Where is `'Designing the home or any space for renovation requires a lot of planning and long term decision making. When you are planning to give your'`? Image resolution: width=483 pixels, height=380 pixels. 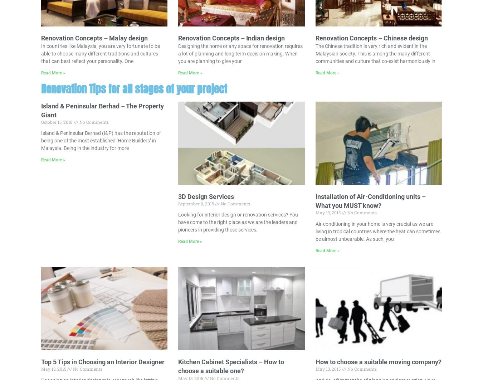
'Designing the home or any space for renovation requires a lot of planning and long term decision making. When you are planning to give your' is located at coordinates (240, 53).